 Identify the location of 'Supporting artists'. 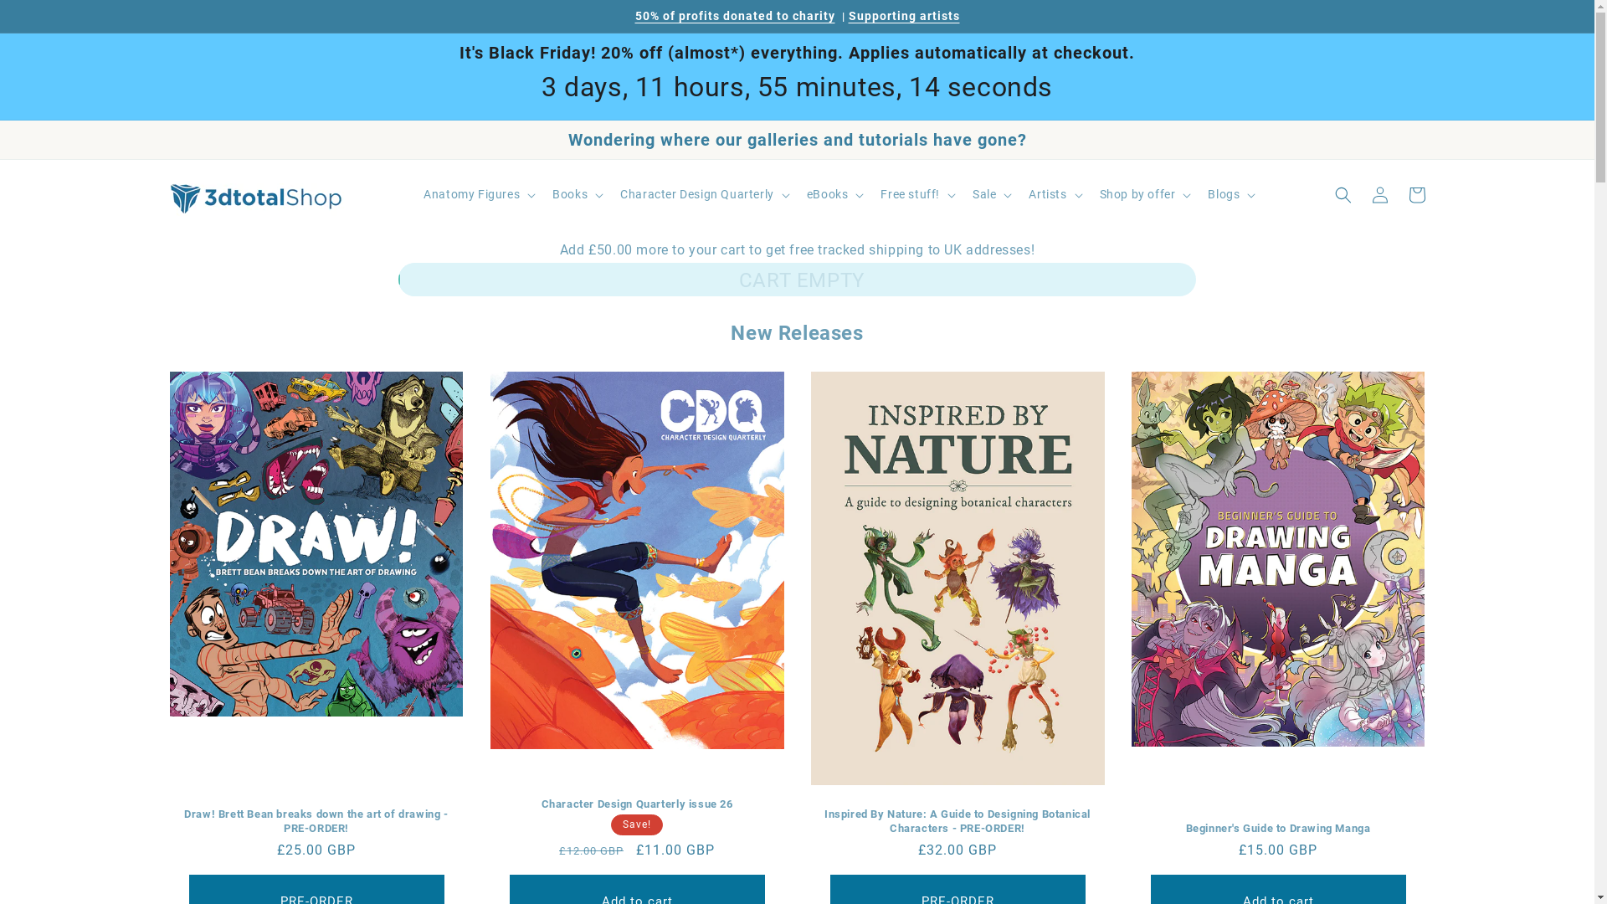
(848, 16).